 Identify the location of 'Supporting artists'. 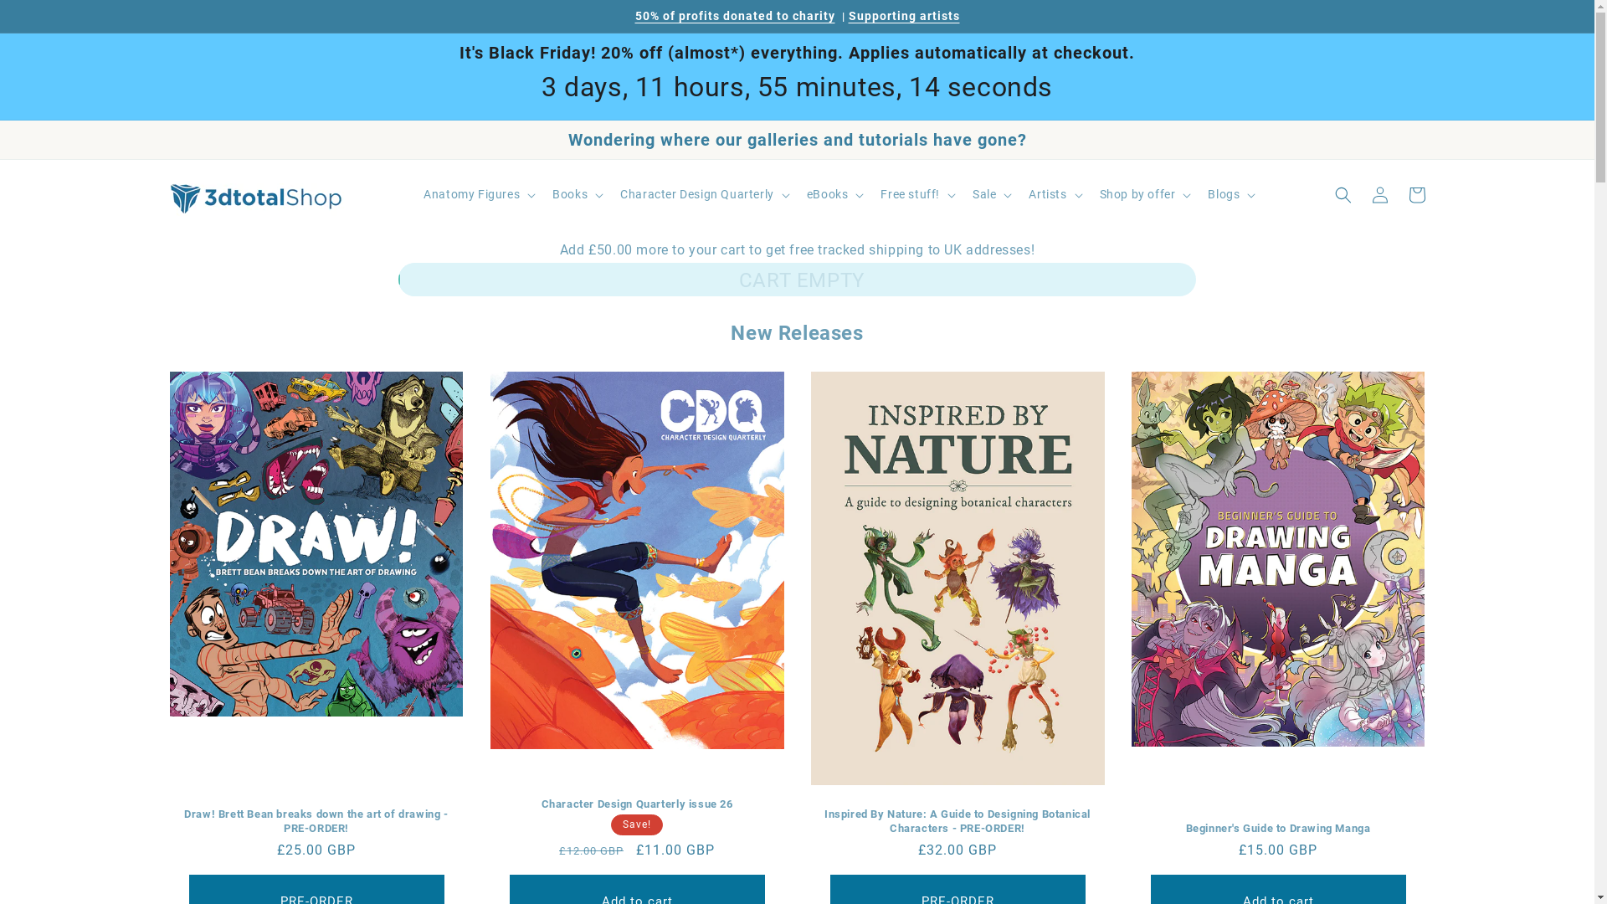
(848, 16).